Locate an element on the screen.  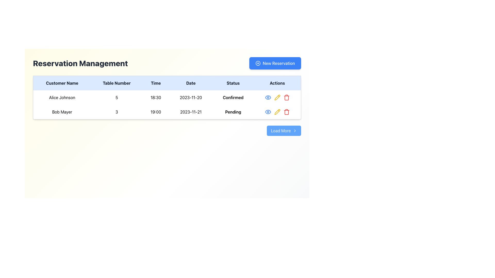
the pencil icon in the 'Actions' column of the second table row to display accessibility information is located at coordinates (277, 97).